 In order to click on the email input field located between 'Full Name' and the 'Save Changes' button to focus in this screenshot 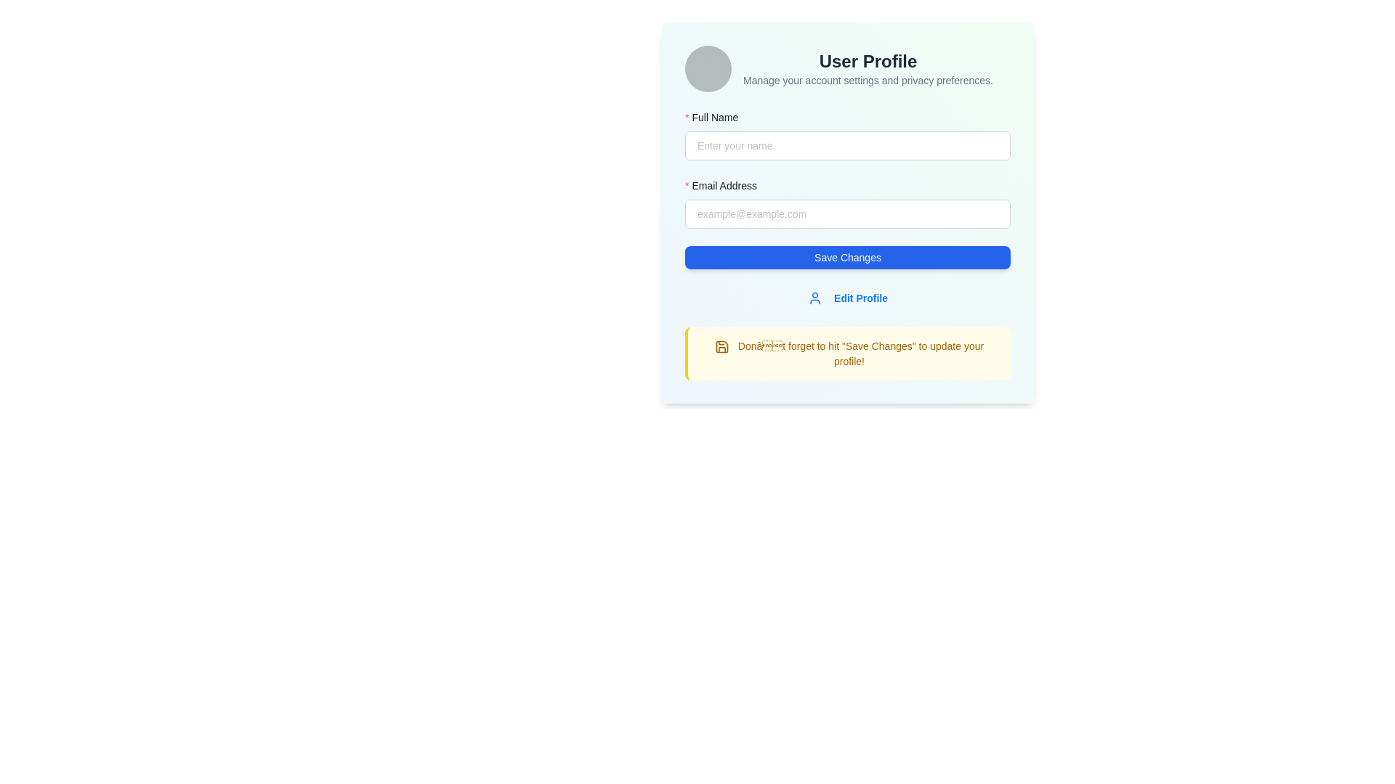, I will do `click(847, 213)`.